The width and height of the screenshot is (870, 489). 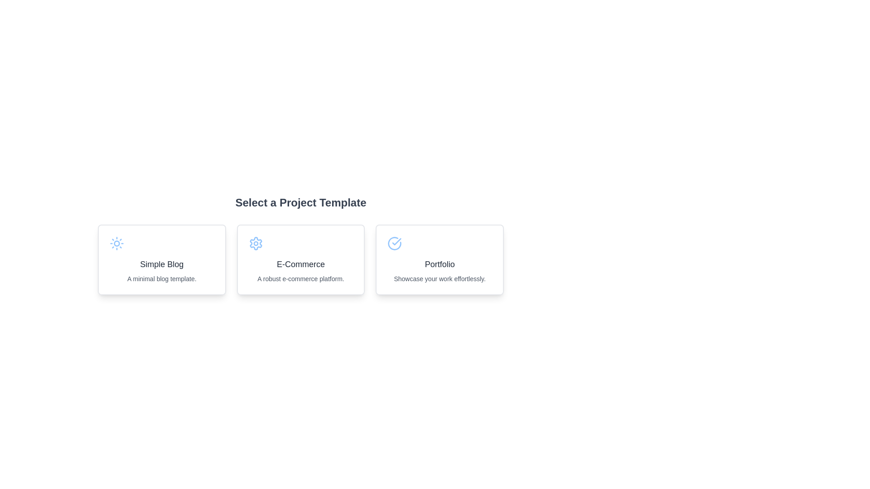 What do you see at coordinates (161, 260) in the screenshot?
I see `the first card in the horizontal list` at bounding box center [161, 260].